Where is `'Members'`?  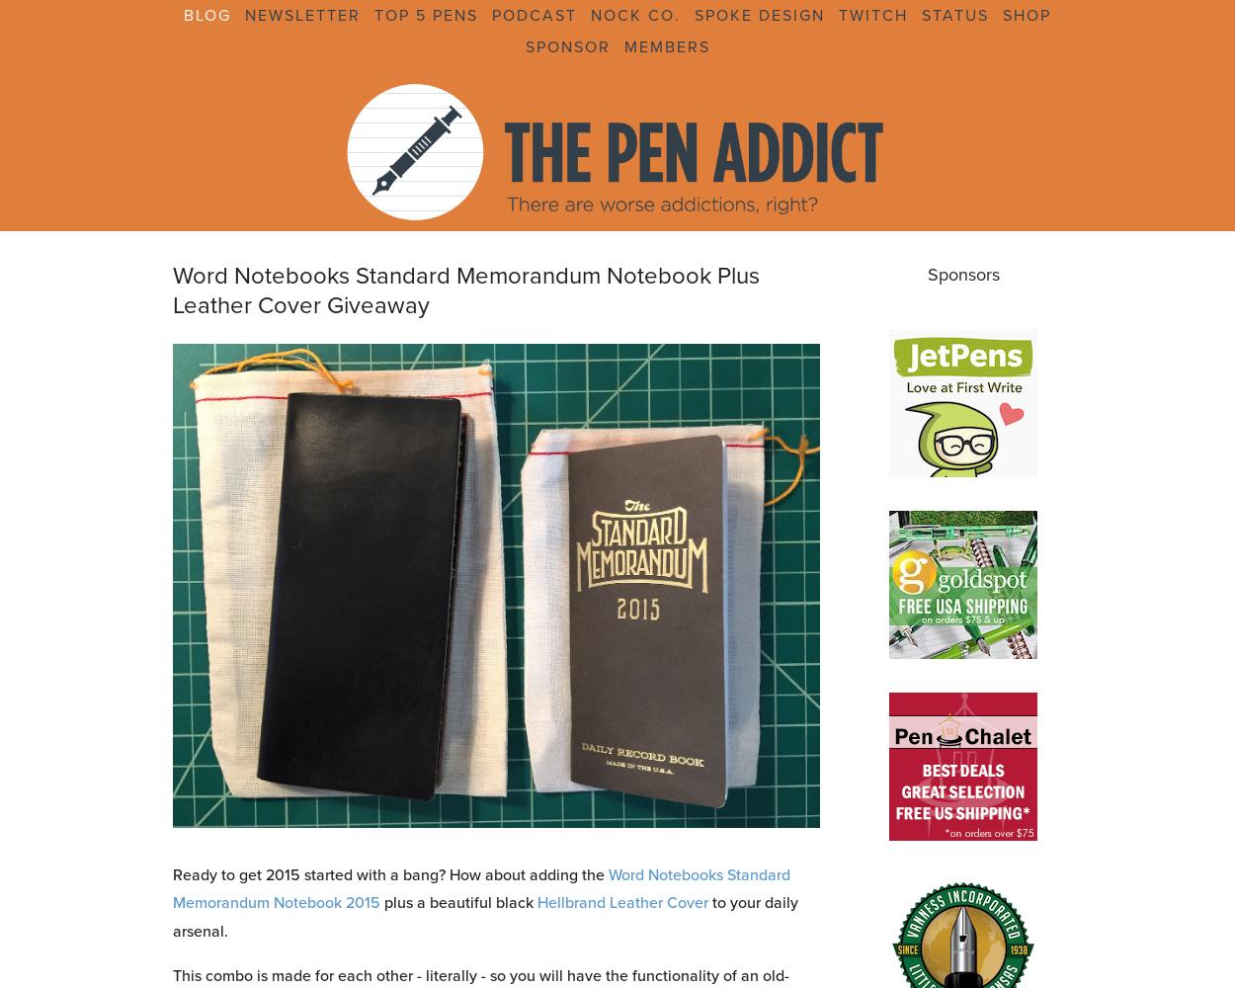 'Members' is located at coordinates (666, 46).